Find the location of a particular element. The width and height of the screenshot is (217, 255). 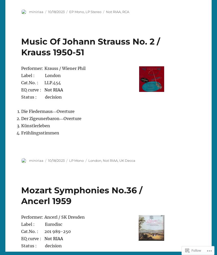

'Cat.No. :      LLP.454' is located at coordinates (21, 82).